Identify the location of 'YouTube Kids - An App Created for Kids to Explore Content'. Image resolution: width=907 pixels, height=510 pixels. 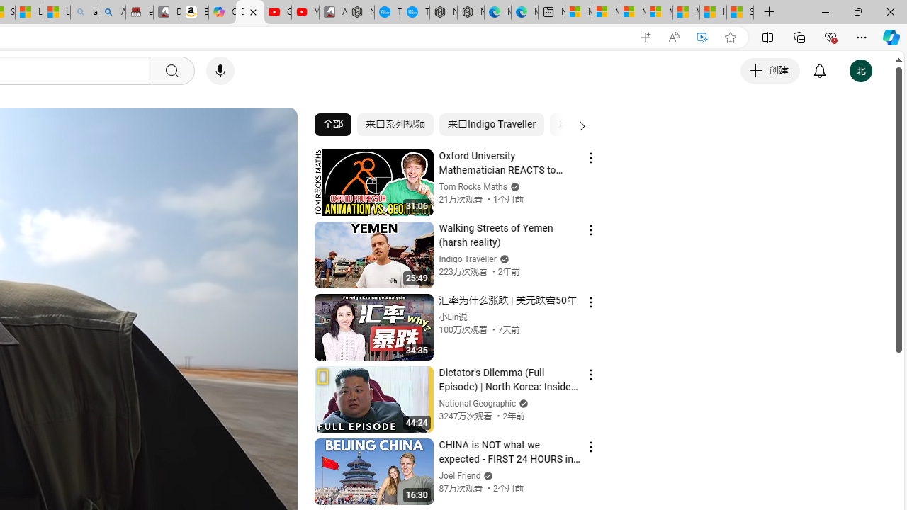
(305, 12).